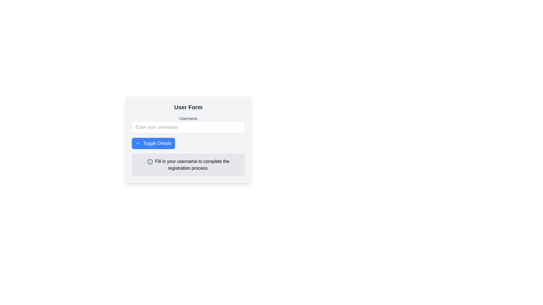 The width and height of the screenshot is (543, 305). What do you see at coordinates (150, 162) in the screenshot?
I see `SVG Circle that serves as the circular border of the warning icon indicating a username is required for registration, located near the bottom of the user form` at bounding box center [150, 162].